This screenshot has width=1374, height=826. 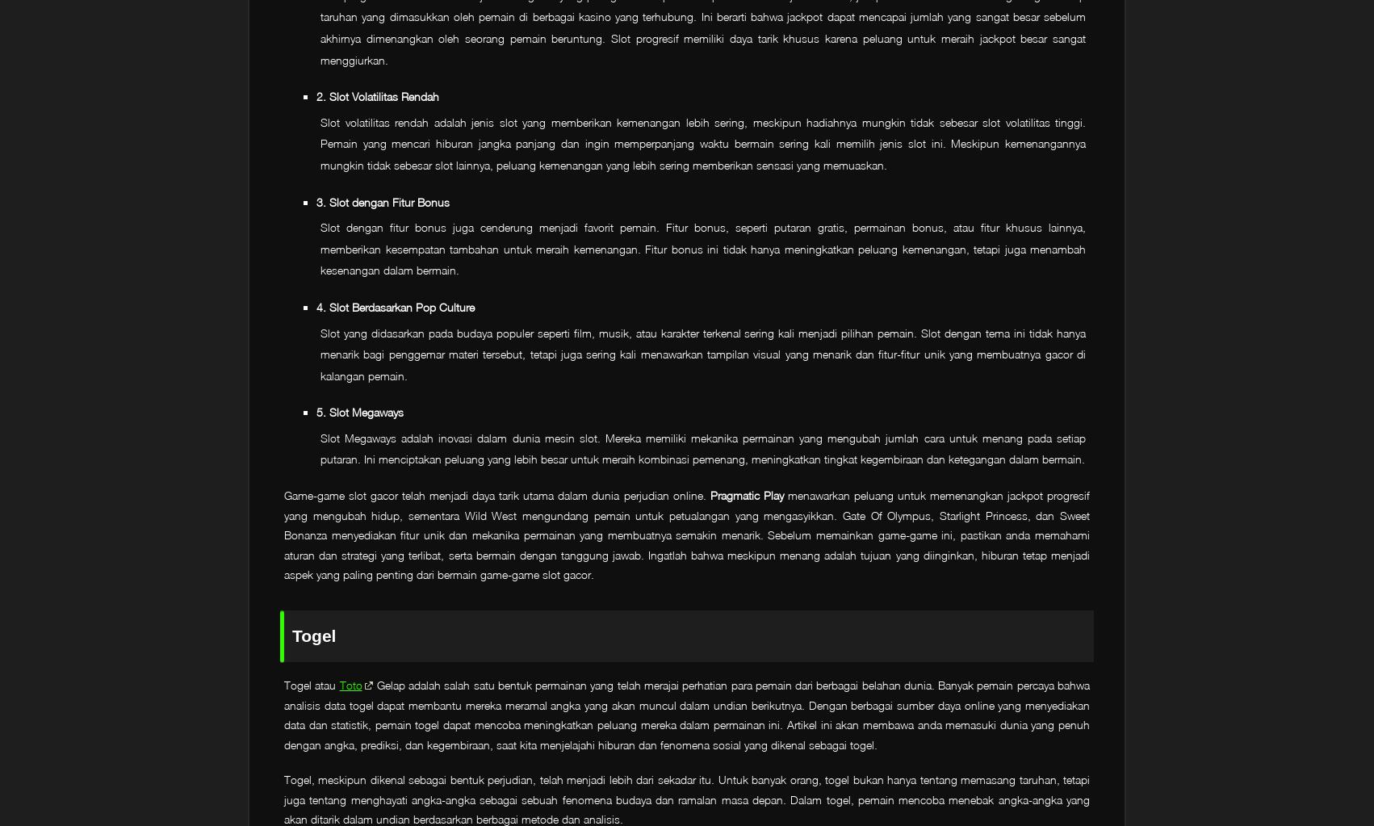 What do you see at coordinates (292, 634) in the screenshot?
I see `'Togel'` at bounding box center [292, 634].